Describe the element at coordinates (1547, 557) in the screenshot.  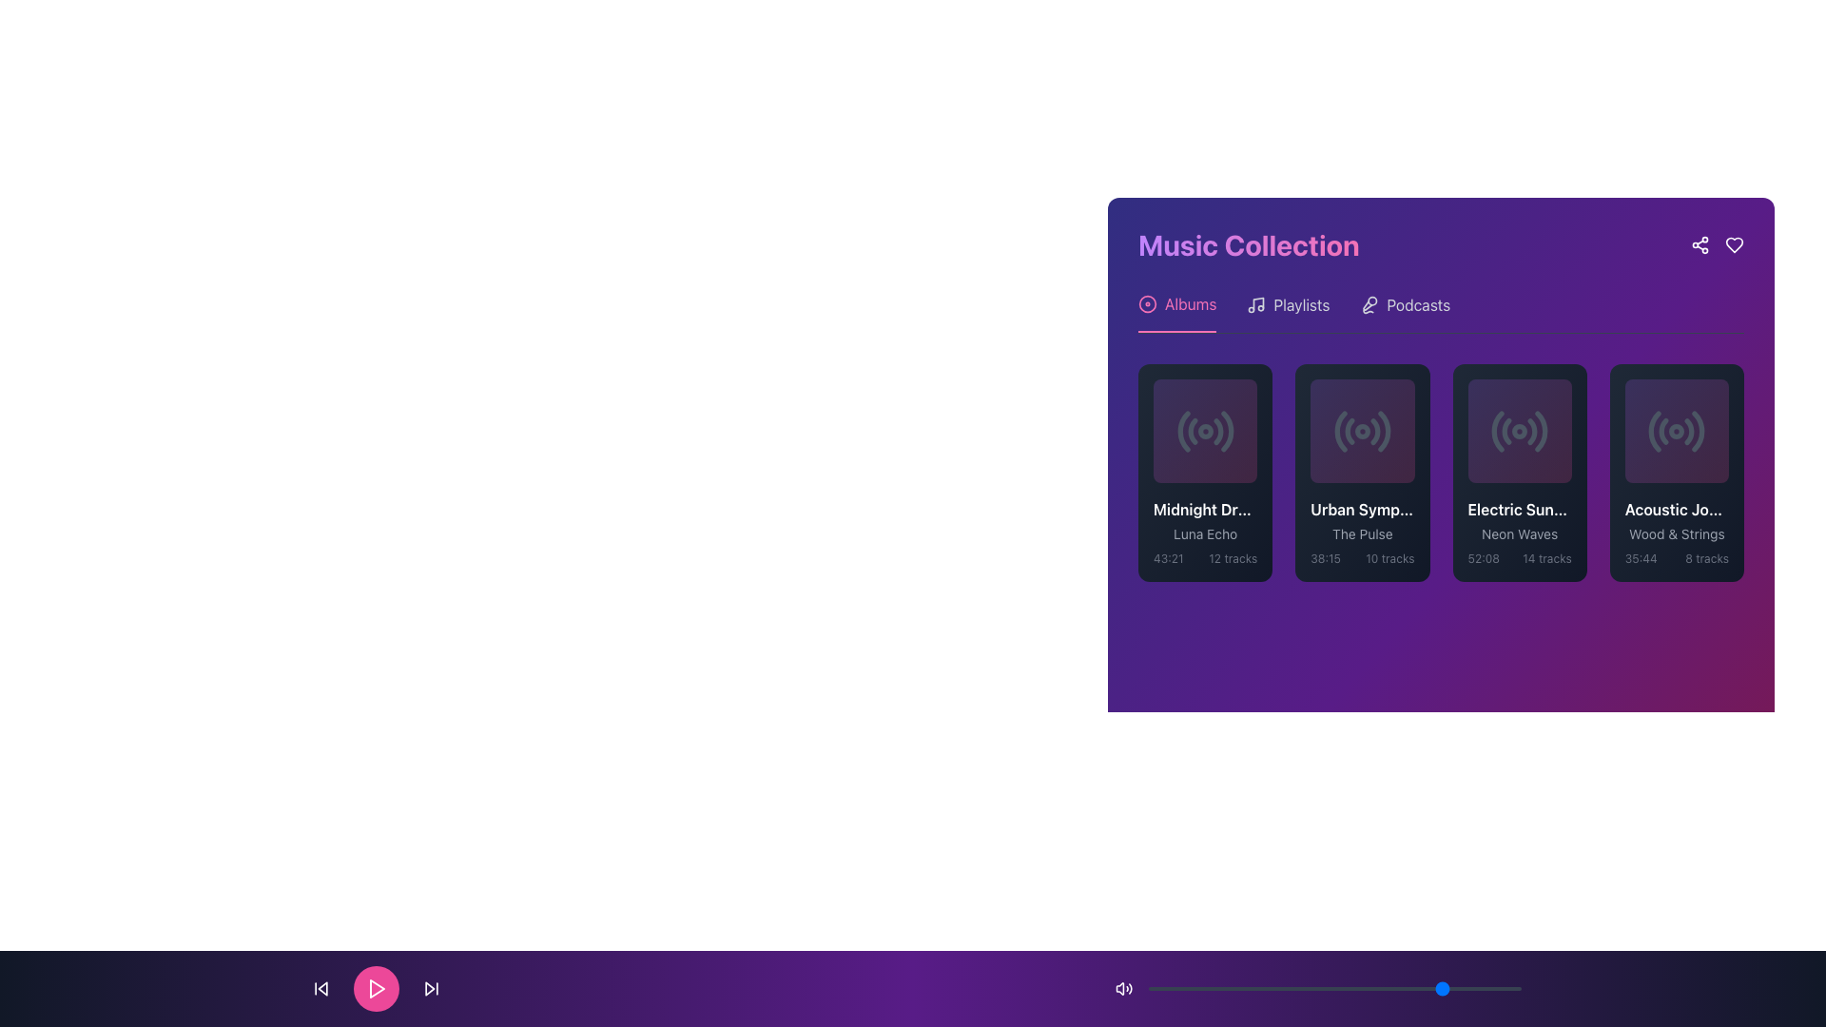
I see `the static text label displaying '14 tracks' located beside the duration '52:08' within the dark-themed card for the album 'Electric Sunset' under 'Neon Waves' in the 'Albums' section of the 'Music Collection' interface` at that location.